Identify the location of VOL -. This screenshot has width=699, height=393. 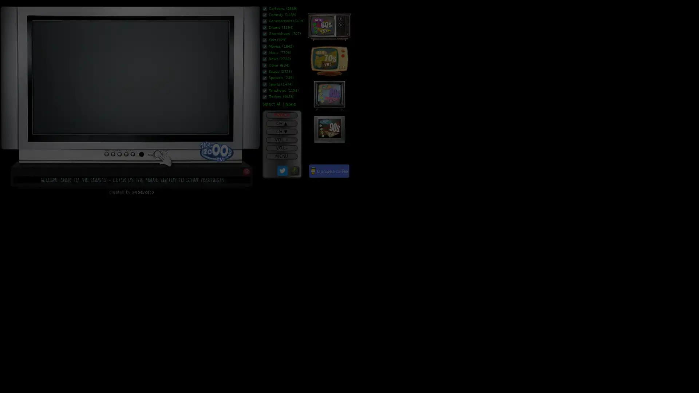
(281, 147).